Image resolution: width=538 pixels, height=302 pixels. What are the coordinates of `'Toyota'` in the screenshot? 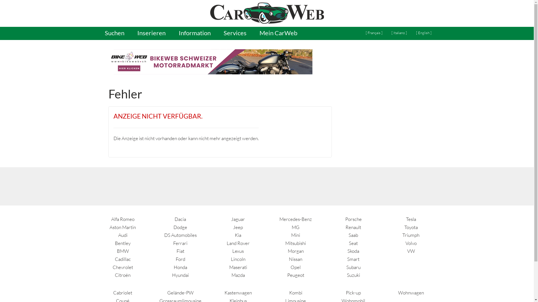 It's located at (411, 227).